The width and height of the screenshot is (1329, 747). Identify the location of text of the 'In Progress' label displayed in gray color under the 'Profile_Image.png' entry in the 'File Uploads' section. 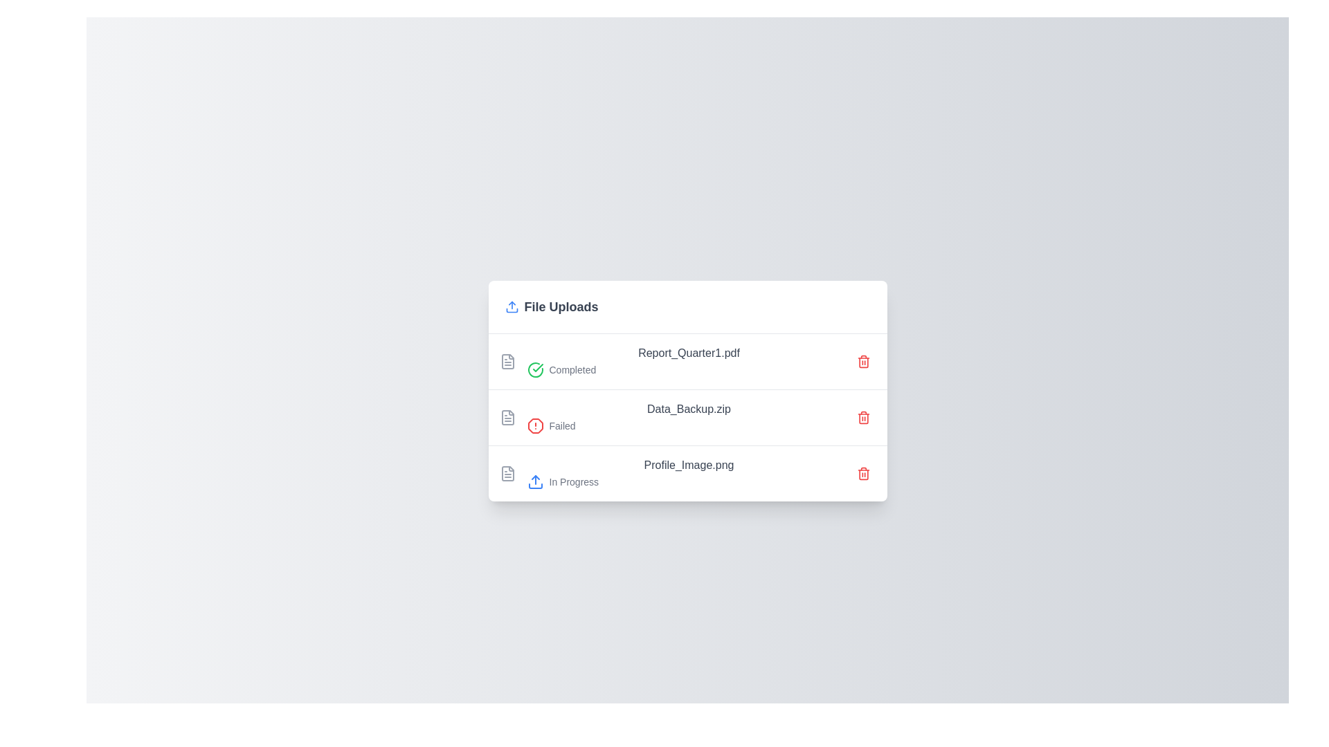
(574, 481).